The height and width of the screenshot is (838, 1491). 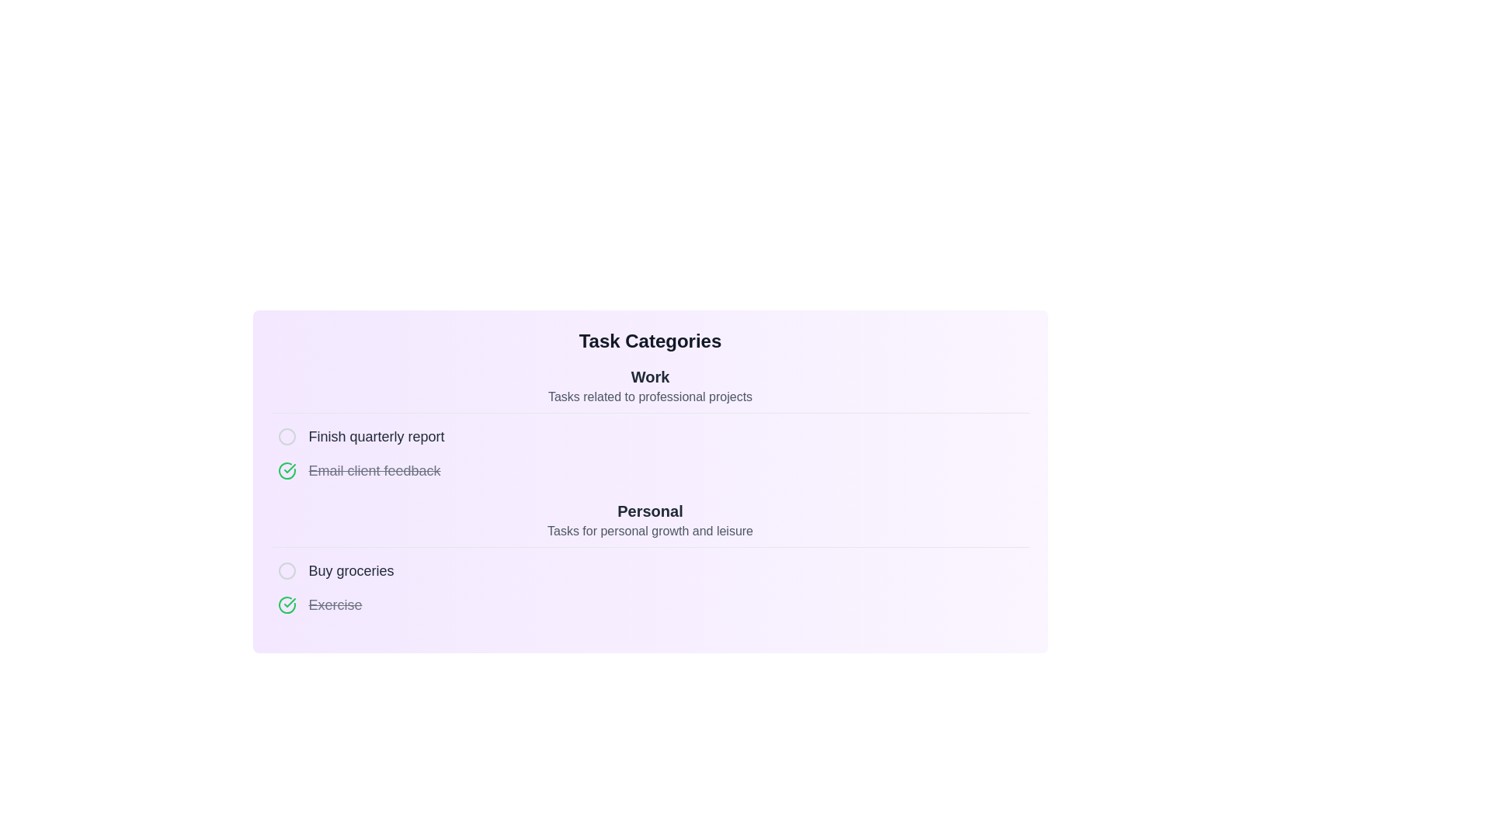 What do you see at coordinates (650, 396) in the screenshot?
I see `the descriptive text label that provides information about the 'Work' title in the 'Task Categories' section` at bounding box center [650, 396].